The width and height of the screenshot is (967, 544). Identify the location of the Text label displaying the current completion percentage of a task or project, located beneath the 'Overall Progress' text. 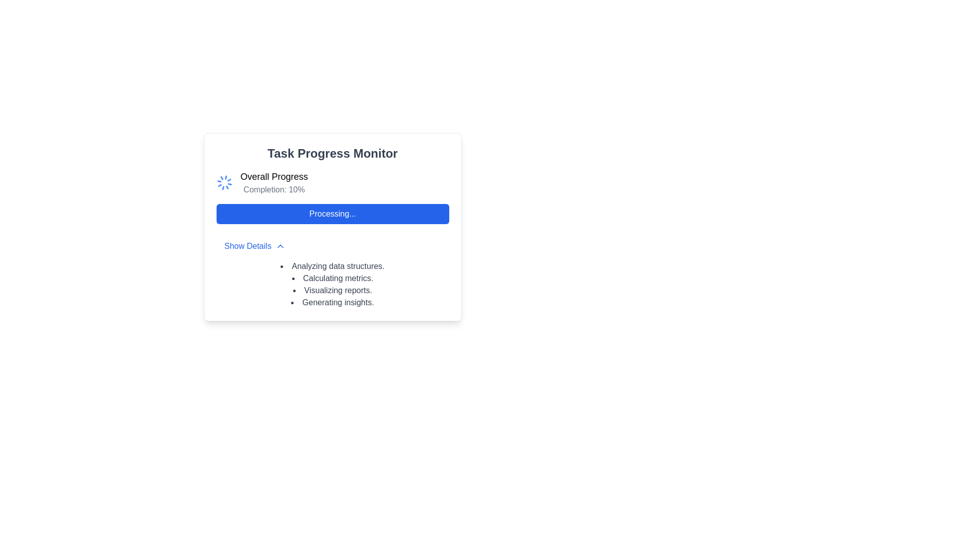
(274, 190).